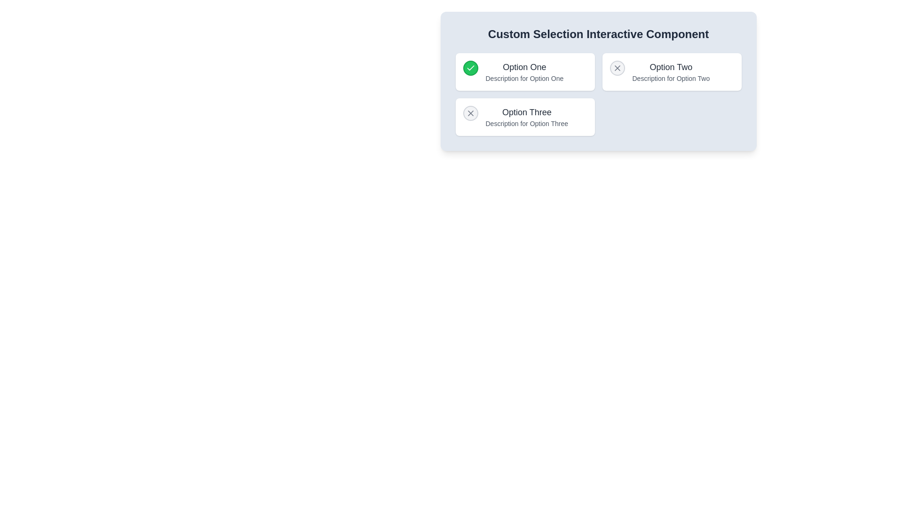  I want to click on the SVG graphic icon inside the circular button to the right of the 'Option Two' text, so click(470, 112).